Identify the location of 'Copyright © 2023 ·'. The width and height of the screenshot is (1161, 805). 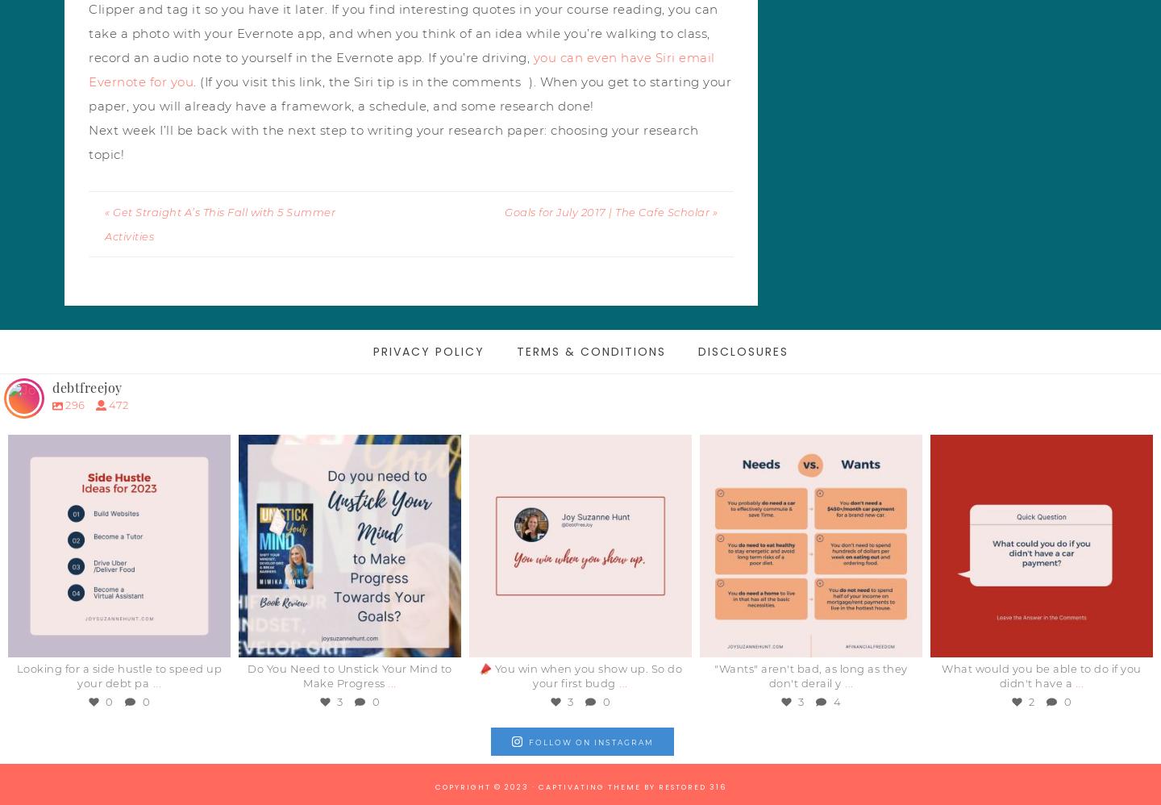
(433, 786).